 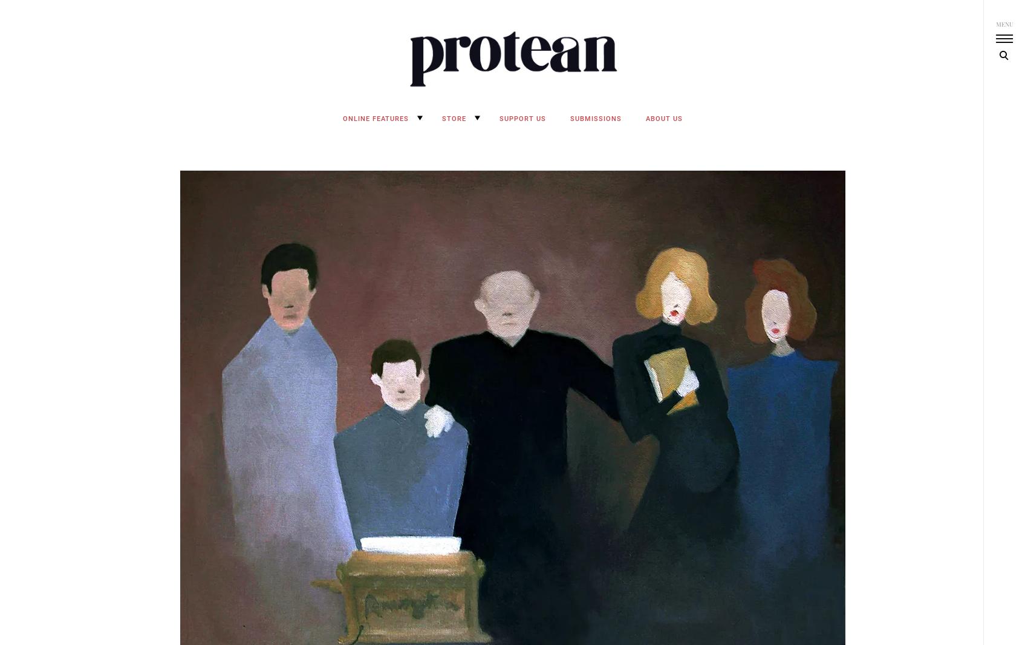 I want to click on 'Protean Magazine', so click(x=293, y=109).